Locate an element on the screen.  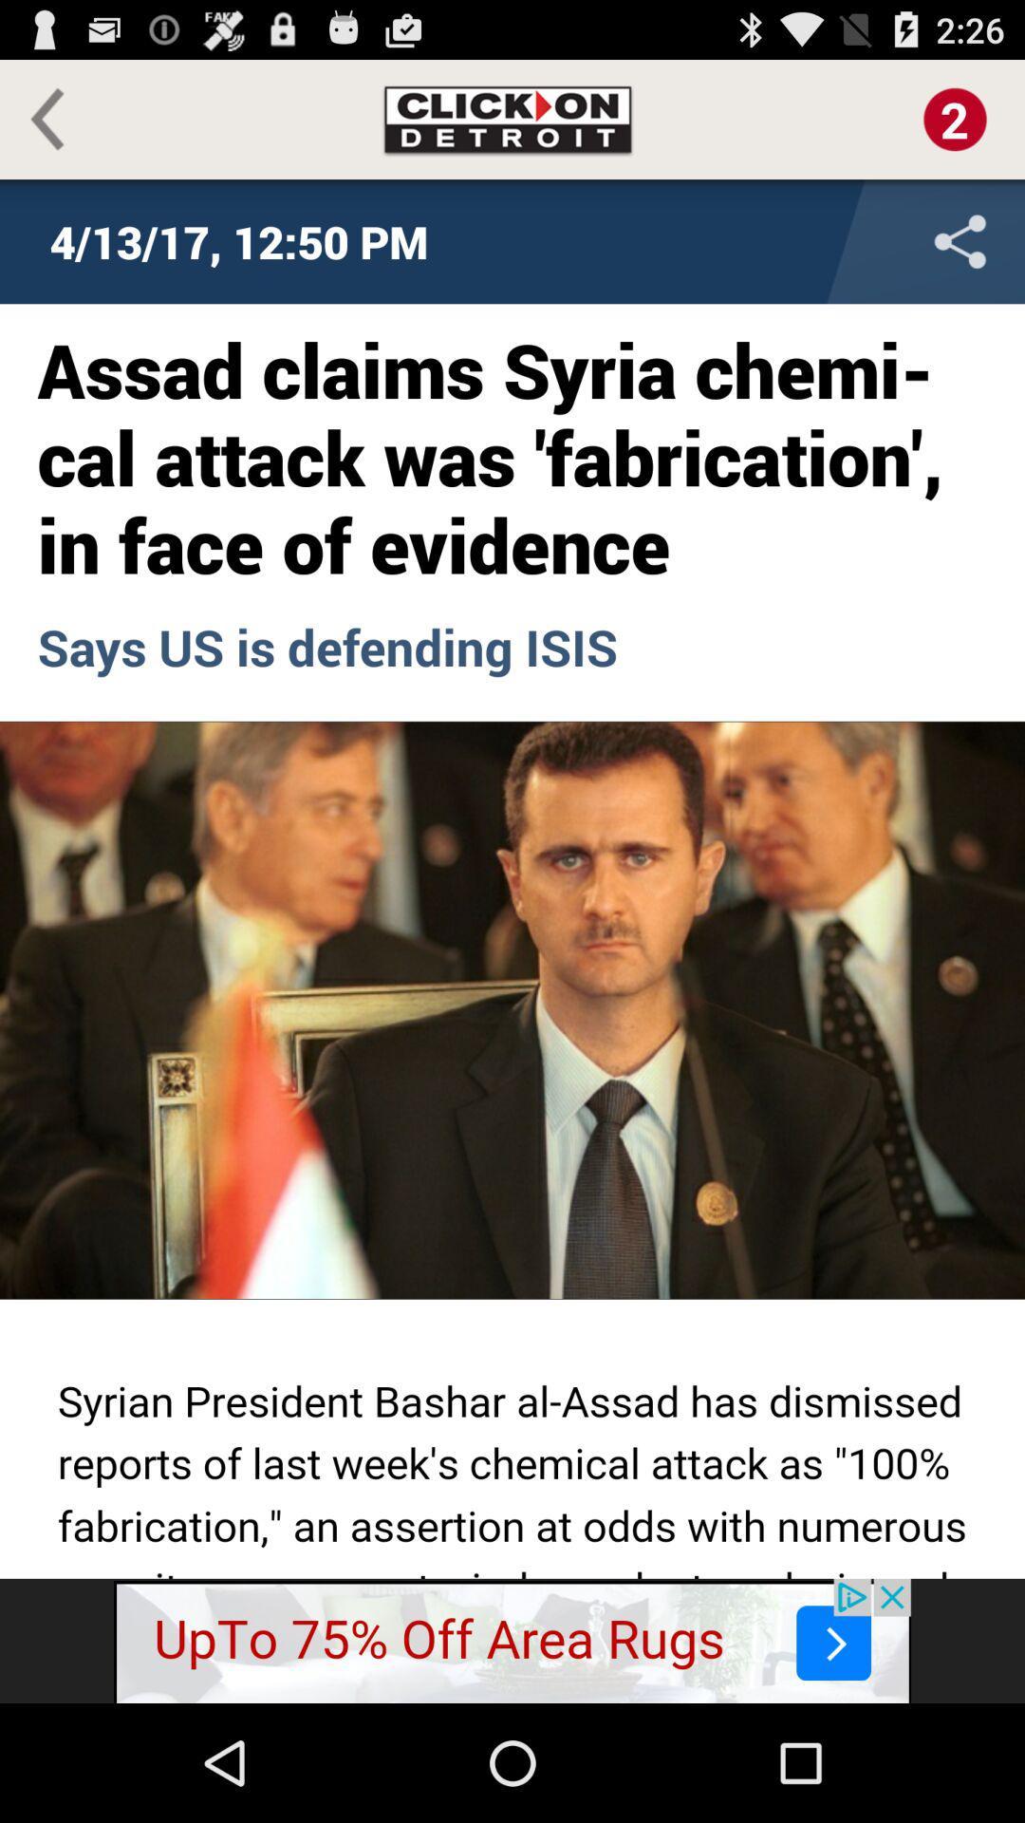
share button is located at coordinates (834, 240).